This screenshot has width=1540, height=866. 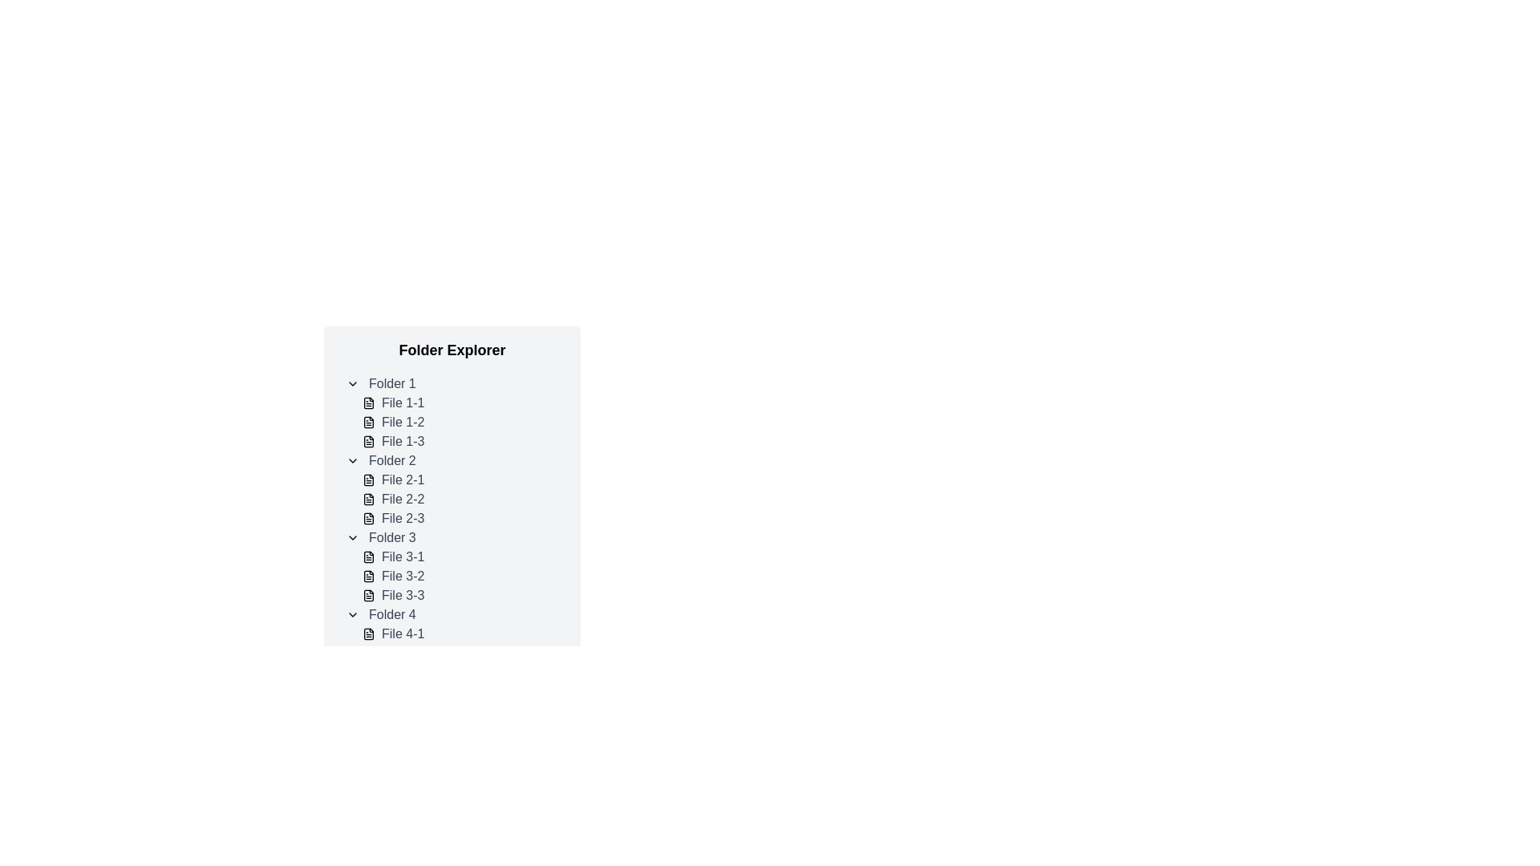 What do you see at coordinates (368, 402) in the screenshot?
I see `the small document icon located next to the text 'File 1-1' in the folder explorer panel under 'Folder 1'` at bounding box center [368, 402].